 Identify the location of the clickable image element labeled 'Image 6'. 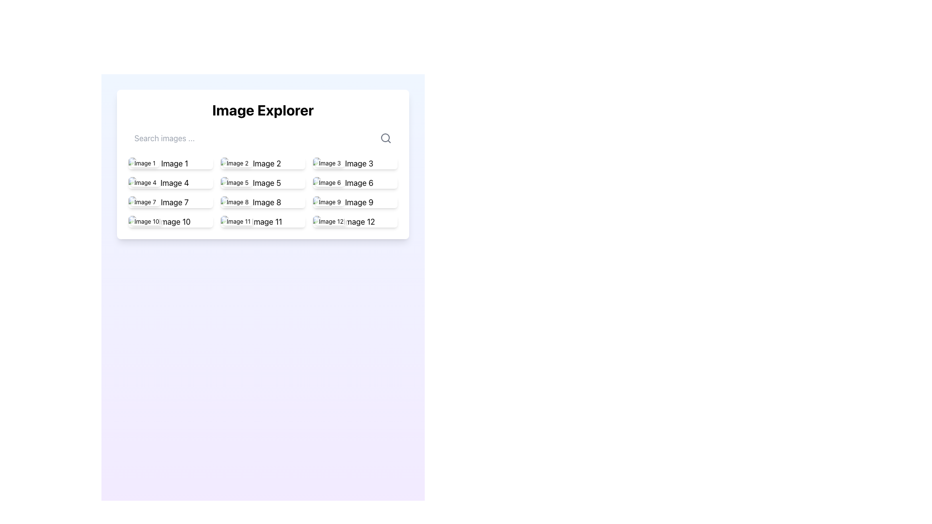
(354, 183).